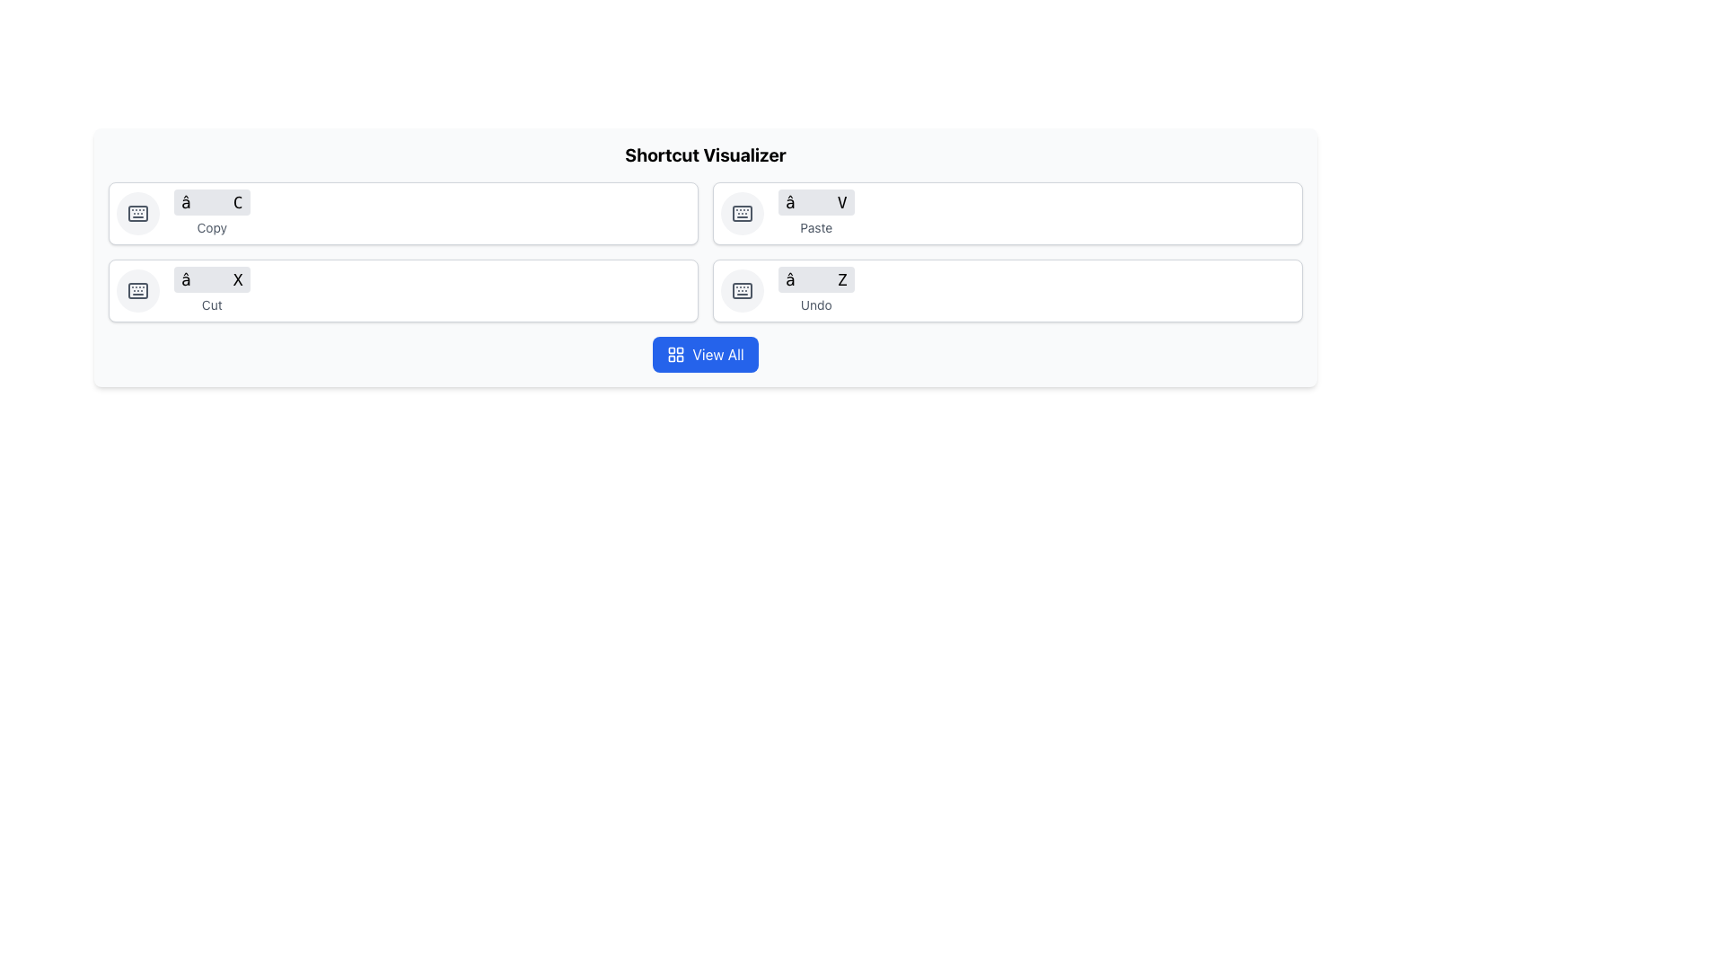 This screenshot has width=1724, height=970. What do you see at coordinates (742, 290) in the screenshot?
I see `the keyboard-related function icon that is centrally positioned among other shortcut icons in the interface` at bounding box center [742, 290].